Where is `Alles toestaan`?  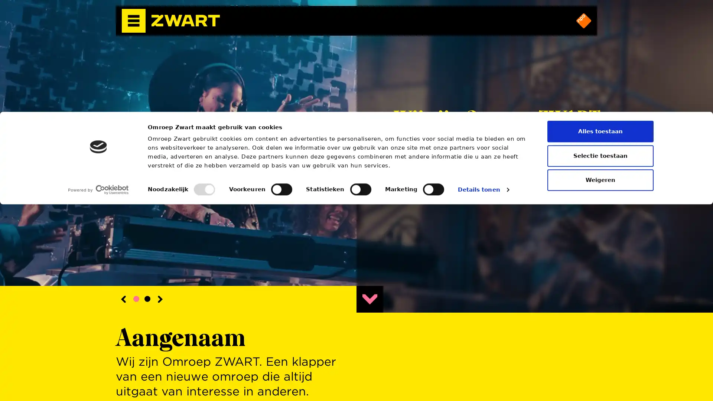
Alles toestaan is located at coordinates (600, 327).